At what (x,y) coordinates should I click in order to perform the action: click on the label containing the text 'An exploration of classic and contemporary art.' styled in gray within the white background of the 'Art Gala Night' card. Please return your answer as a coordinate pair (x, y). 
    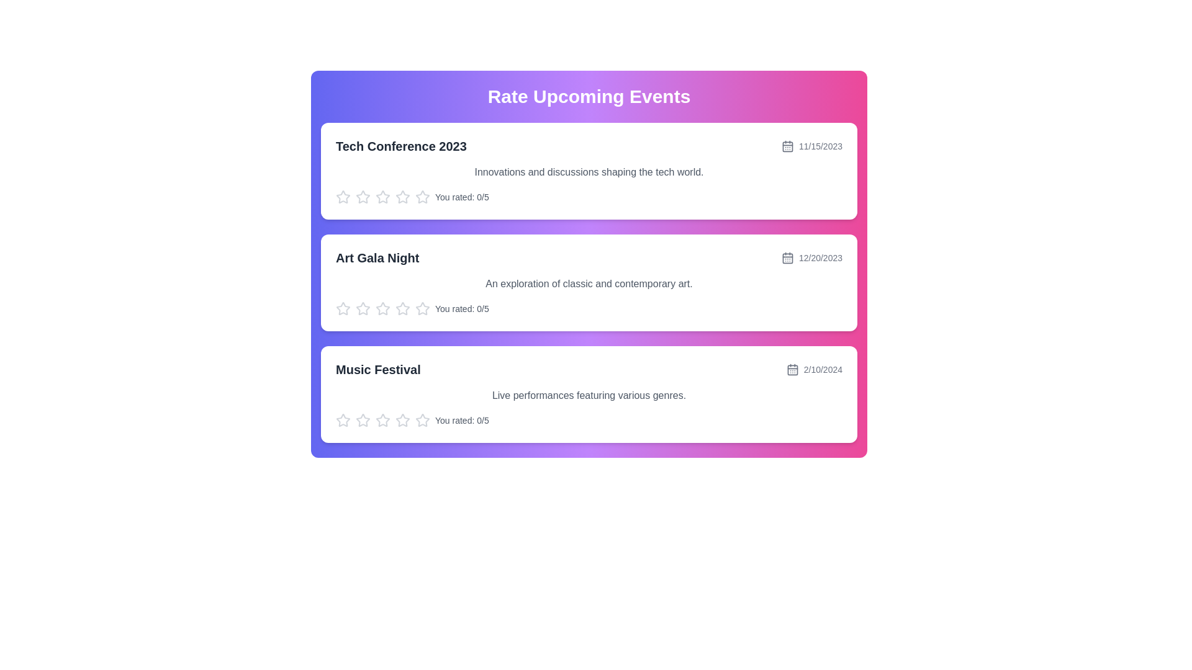
    Looking at the image, I should click on (589, 284).